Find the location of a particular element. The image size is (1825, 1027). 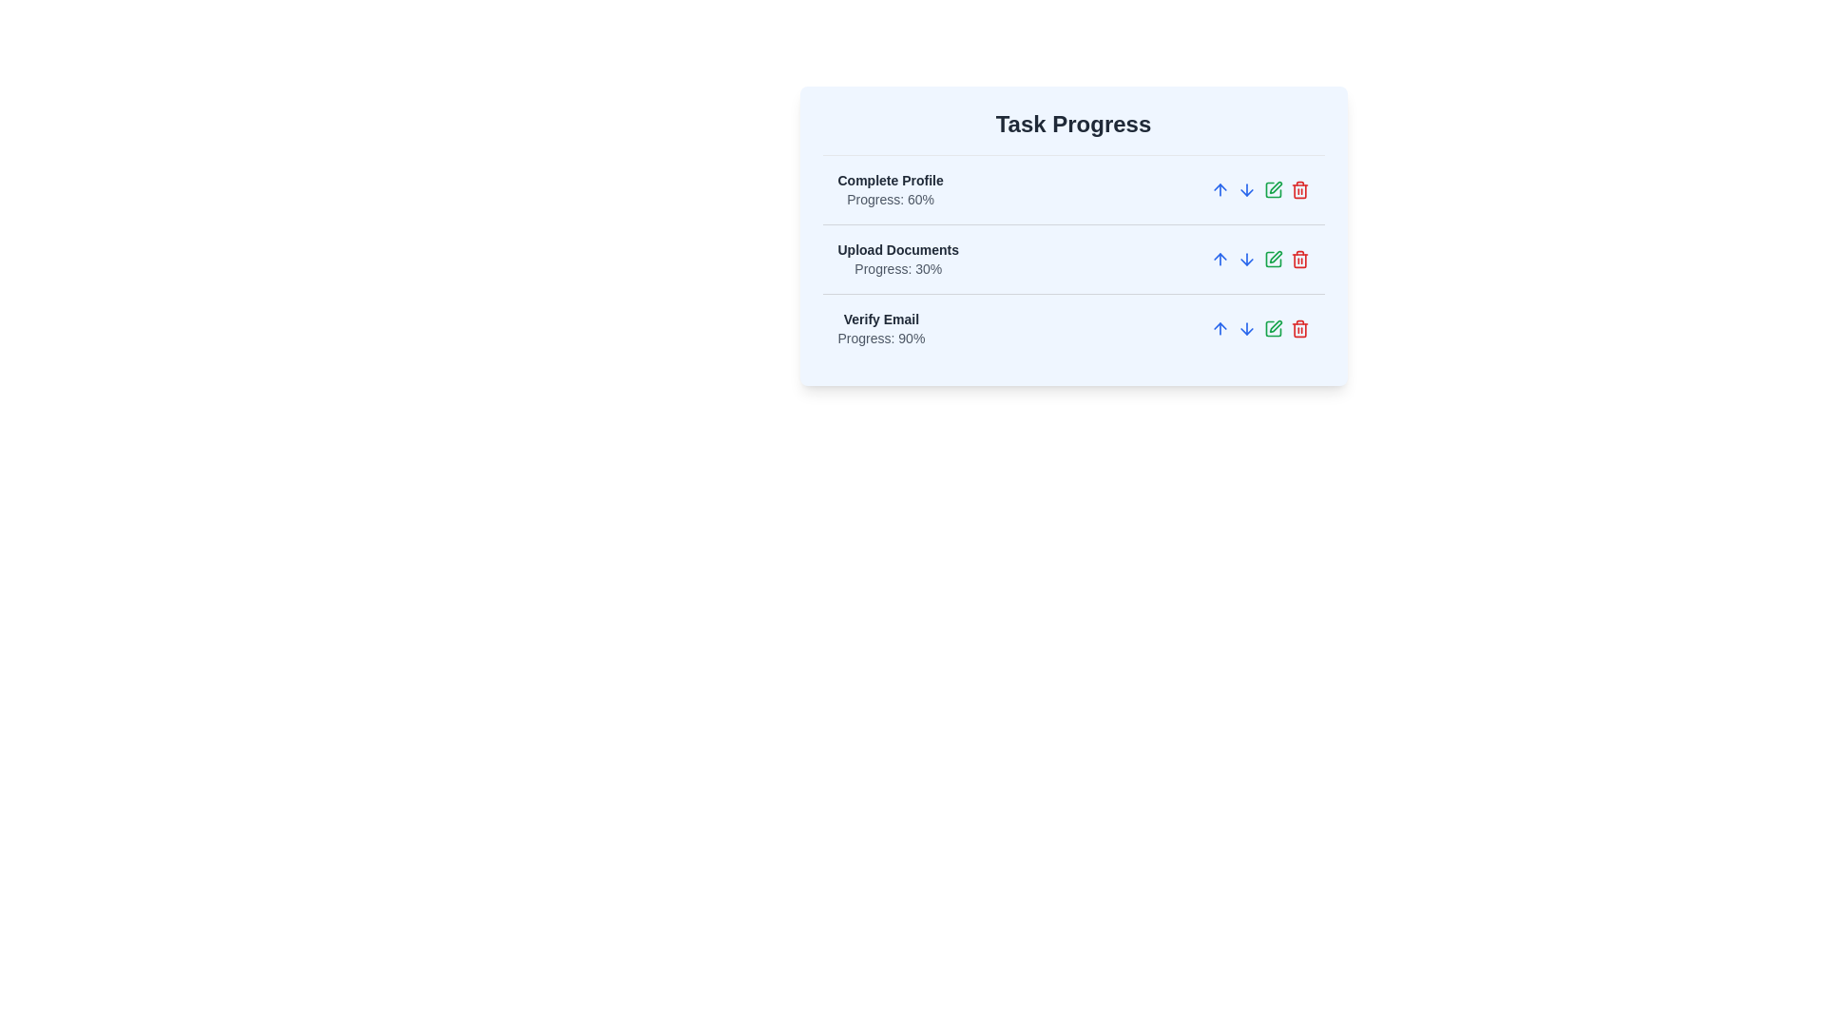

the green pencil-shaped edit button located in the 'Task Progress' section beside the red trash can icon is located at coordinates (1273, 328).